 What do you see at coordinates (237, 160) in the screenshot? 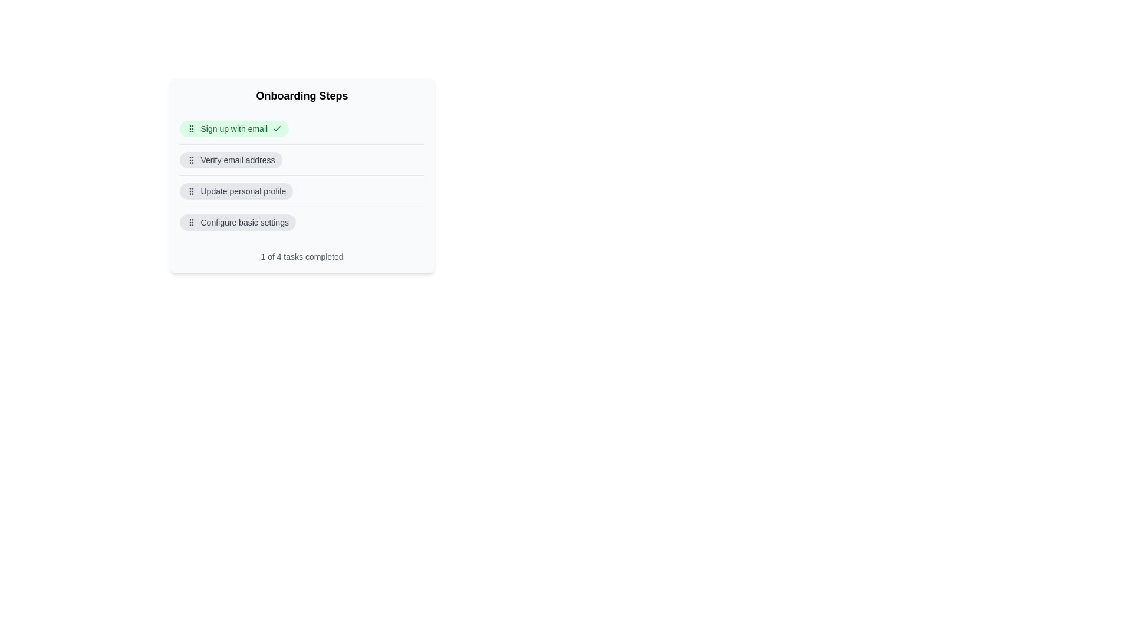
I see `the email verification step in the onboarding process` at bounding box center [237, 160].